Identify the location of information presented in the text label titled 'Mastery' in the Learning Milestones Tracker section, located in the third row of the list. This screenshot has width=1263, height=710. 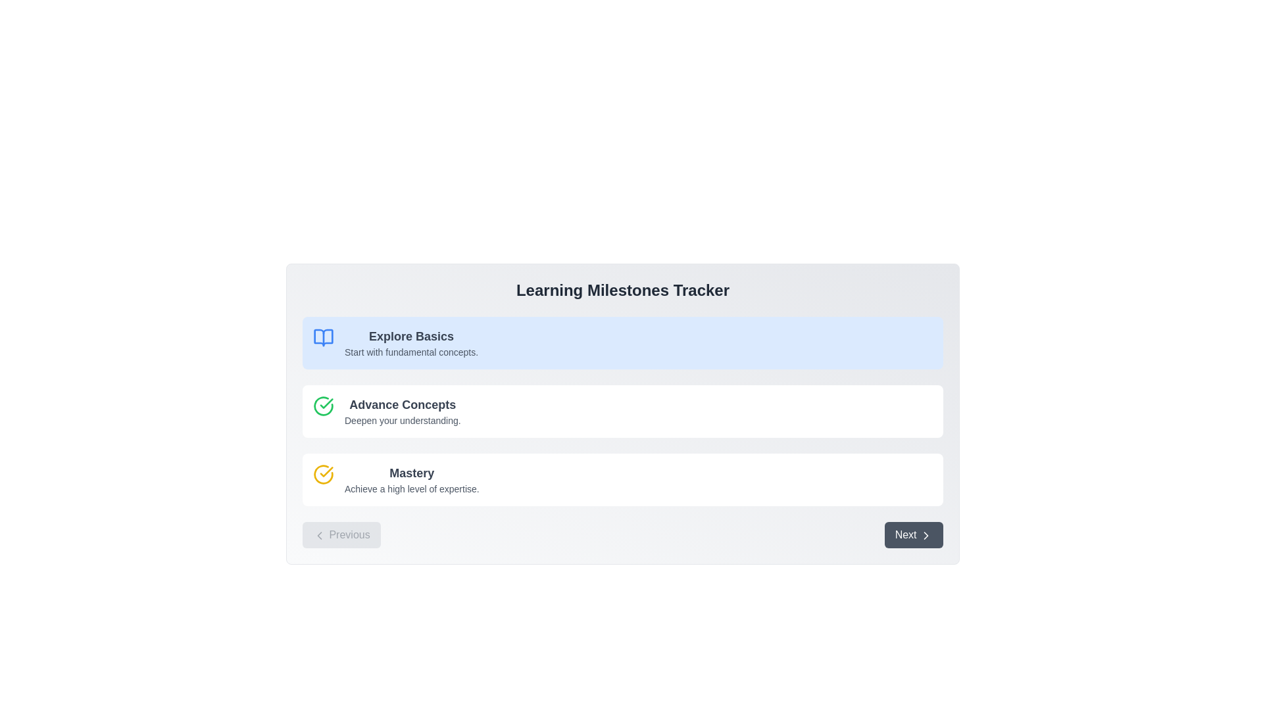
(411, 479).